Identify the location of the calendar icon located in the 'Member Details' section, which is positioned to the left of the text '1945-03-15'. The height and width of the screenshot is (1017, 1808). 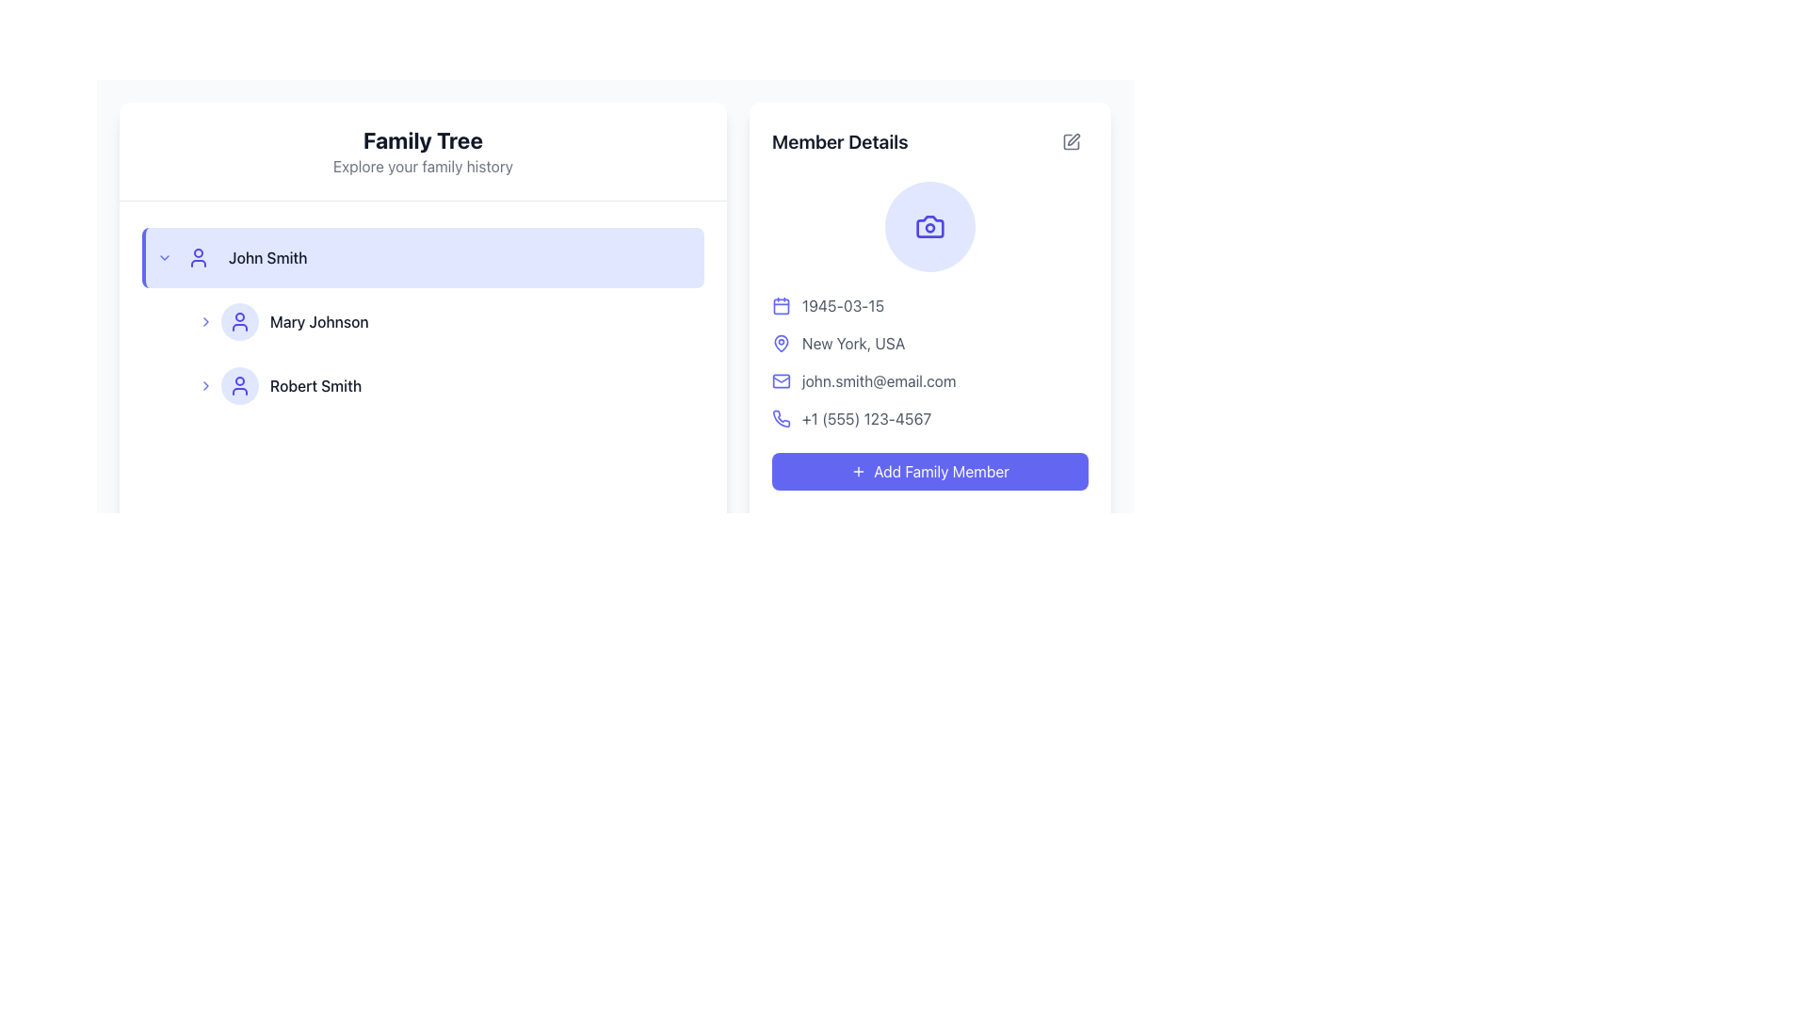
(782, 304).